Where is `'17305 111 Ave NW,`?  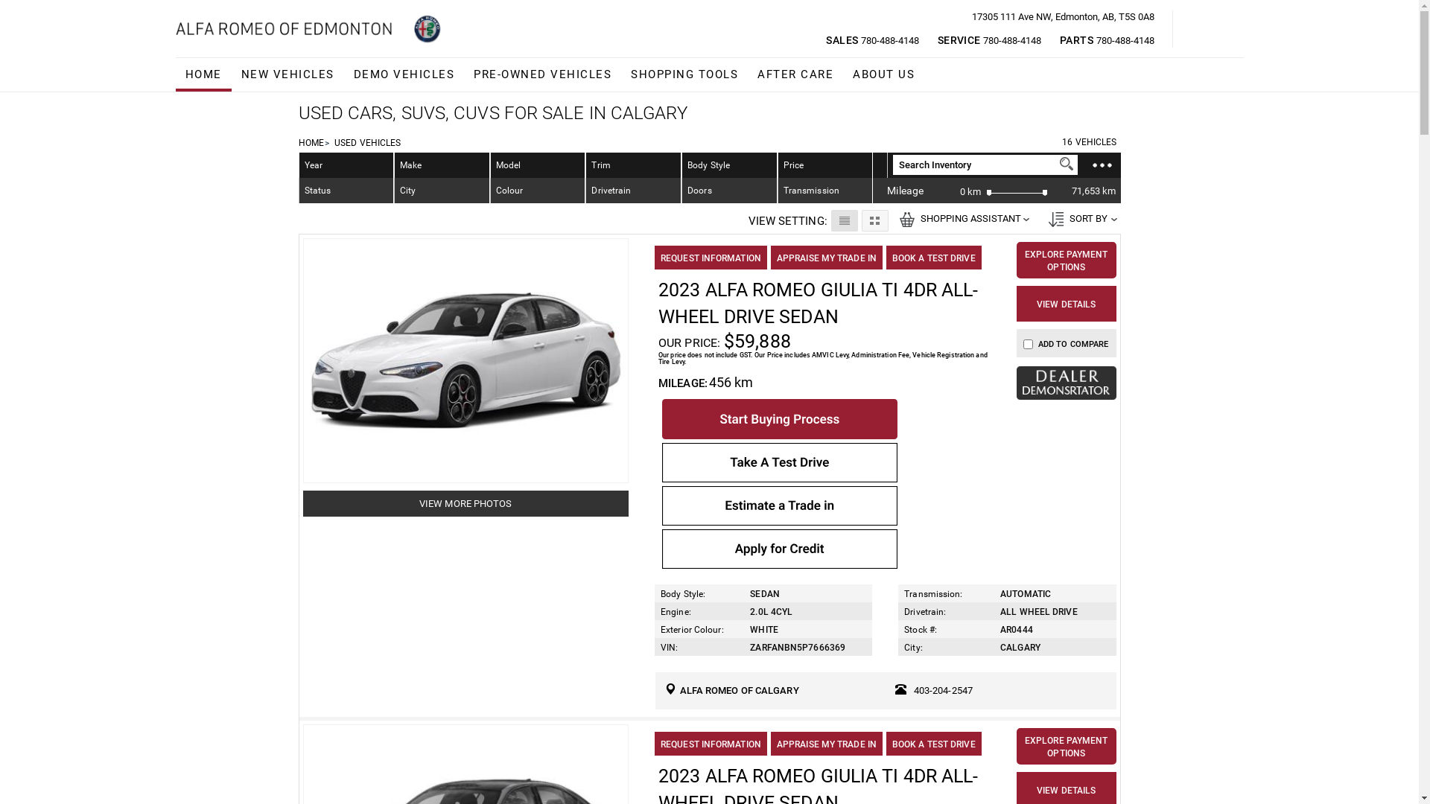
'17305 111 Ave NW, is located at coordinates (1061, 17).